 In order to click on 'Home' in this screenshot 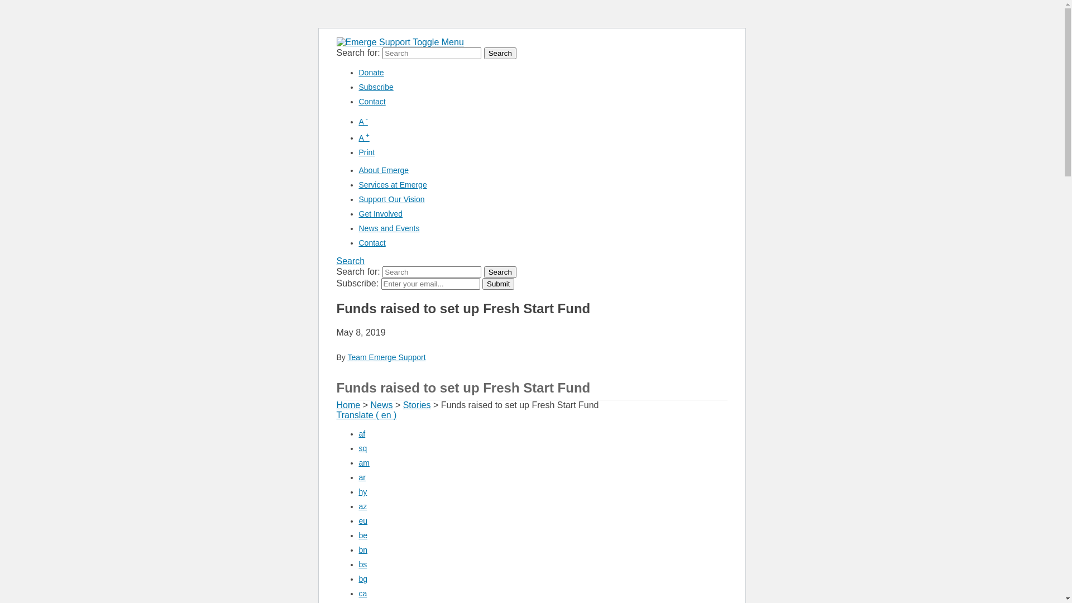, I will do `click(347, 405)`.